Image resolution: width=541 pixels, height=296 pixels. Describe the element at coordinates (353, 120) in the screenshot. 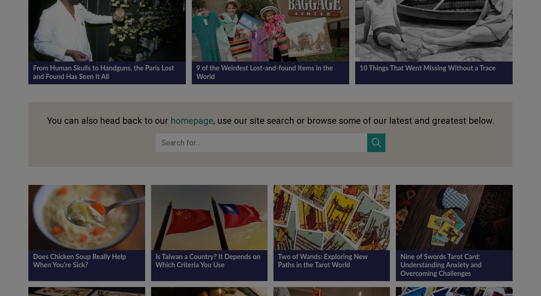

I see `', use our site search or browse some of our latest and greatest below.'` at that location.